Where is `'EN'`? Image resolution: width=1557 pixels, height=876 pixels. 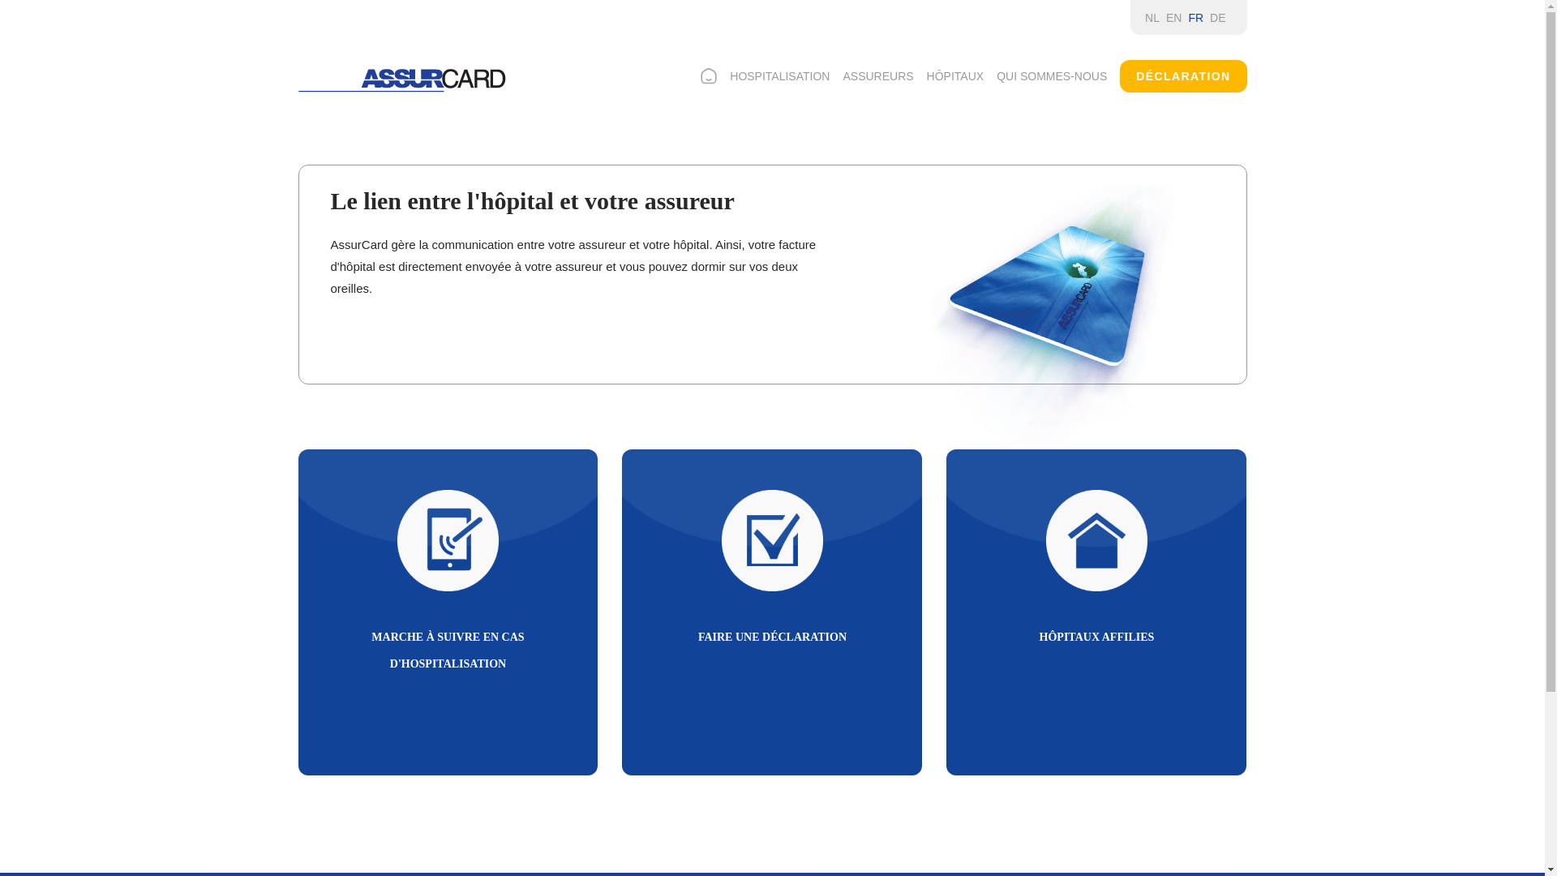
'EN' is located at coordinates (1165, 18).